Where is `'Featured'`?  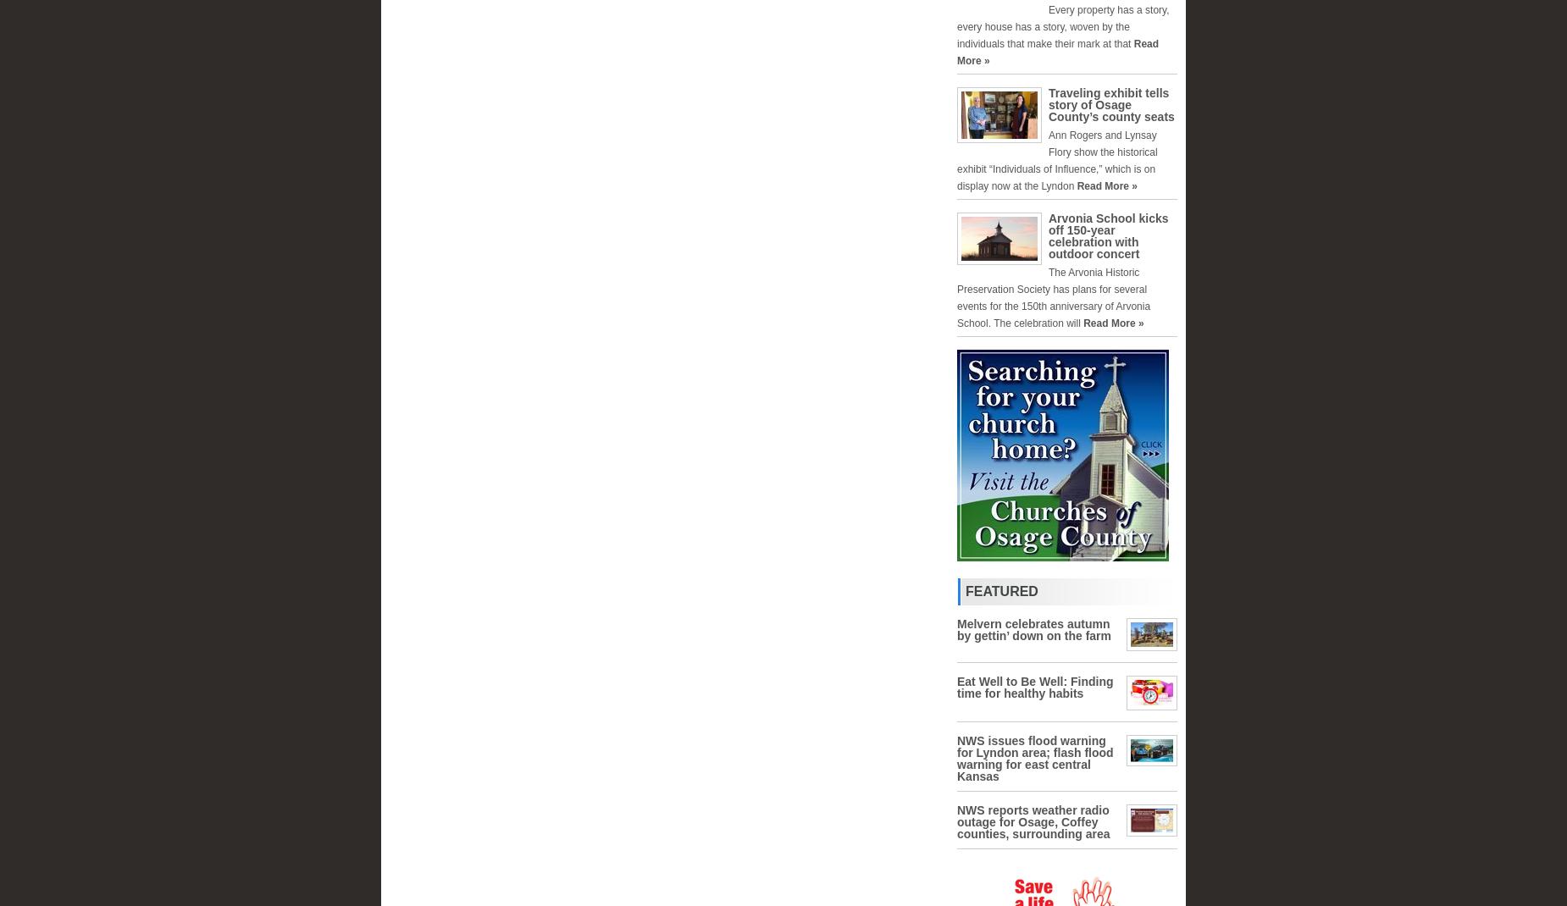
'Featured' is located at coordinates (1000, 591).